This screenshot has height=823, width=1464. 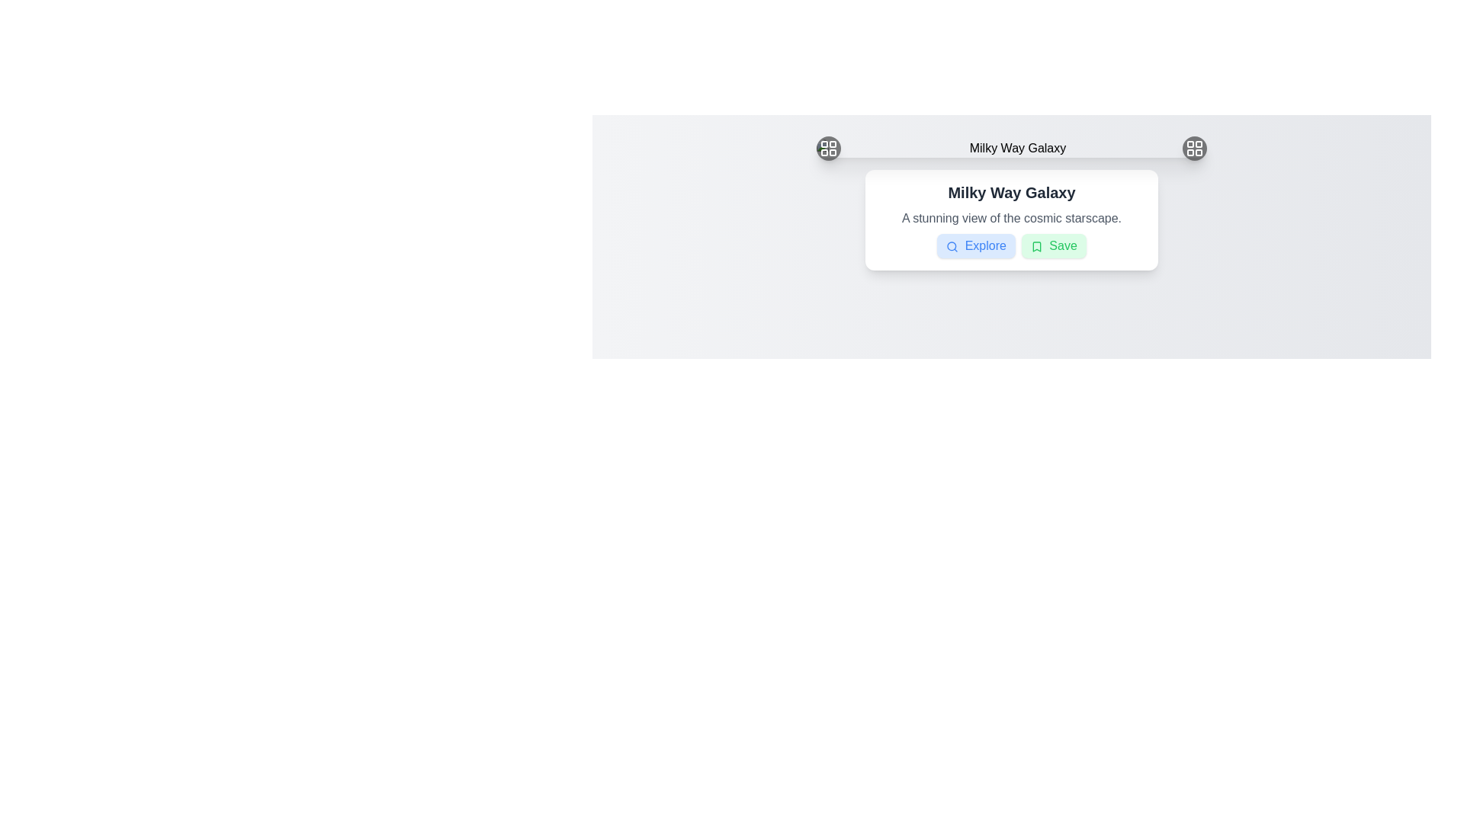 I want to click on the bookmark-shaped icon embedded within an SVG element located near the top-right corner of the layout, adjacent to the 'Save' button, so click(x=1036, y=245).